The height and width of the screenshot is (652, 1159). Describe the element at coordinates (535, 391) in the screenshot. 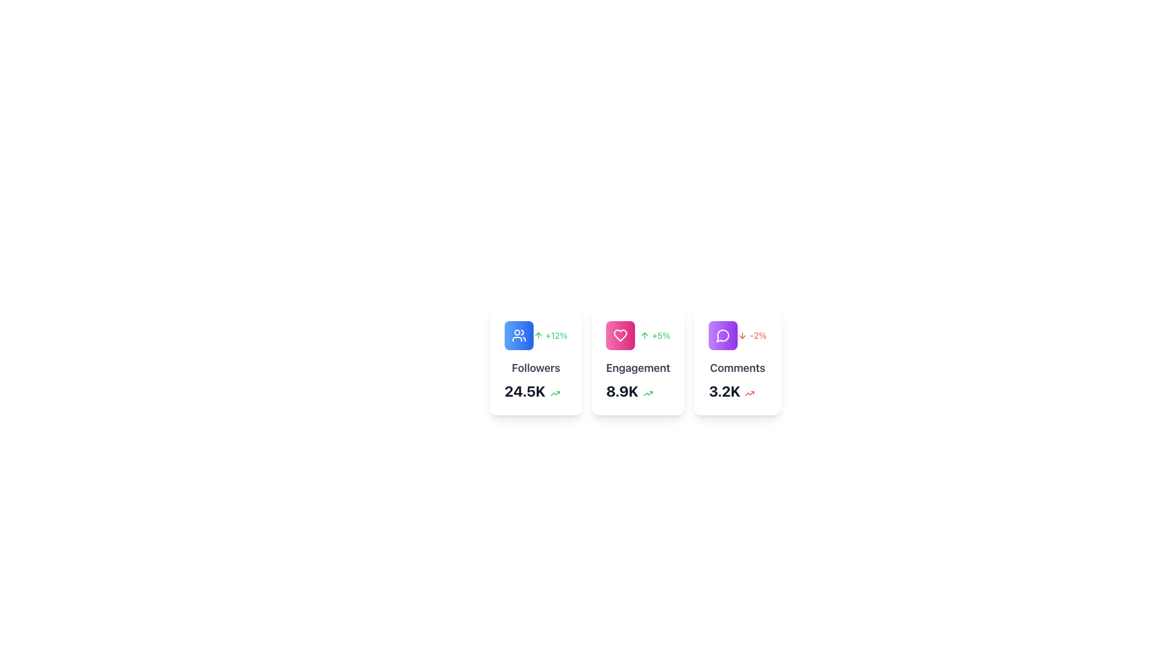

I see `the '24.5K' followers metric text with a green arrow indicating an increasing trend, located within the 'Followers' card` at that location.